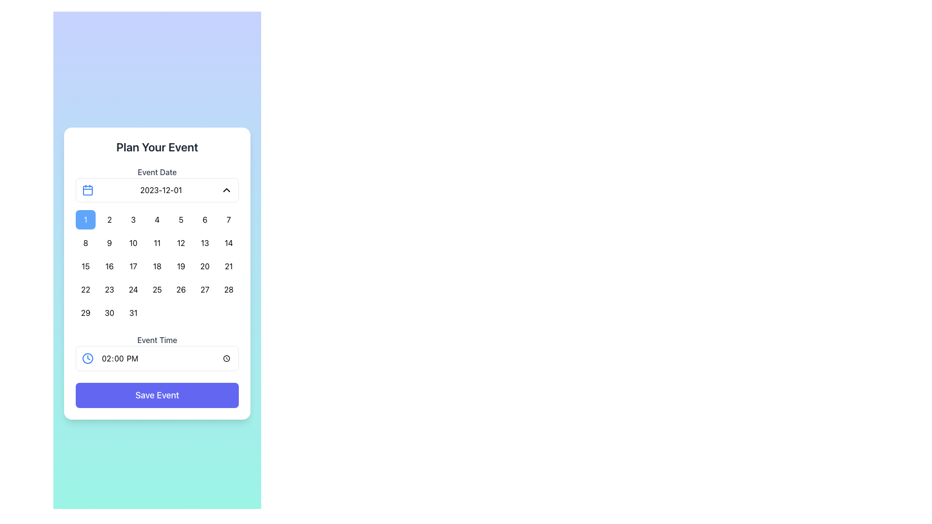 Image resolution: width=932 pixels, height=524 pixels. Describe the element at coordinates (181, 243) in the screenshot. I see `the rounded square button labeled '12' in the fifth column of the second row of the calendar grid to observe the hover effect that changes its background color to light blue` at that location.